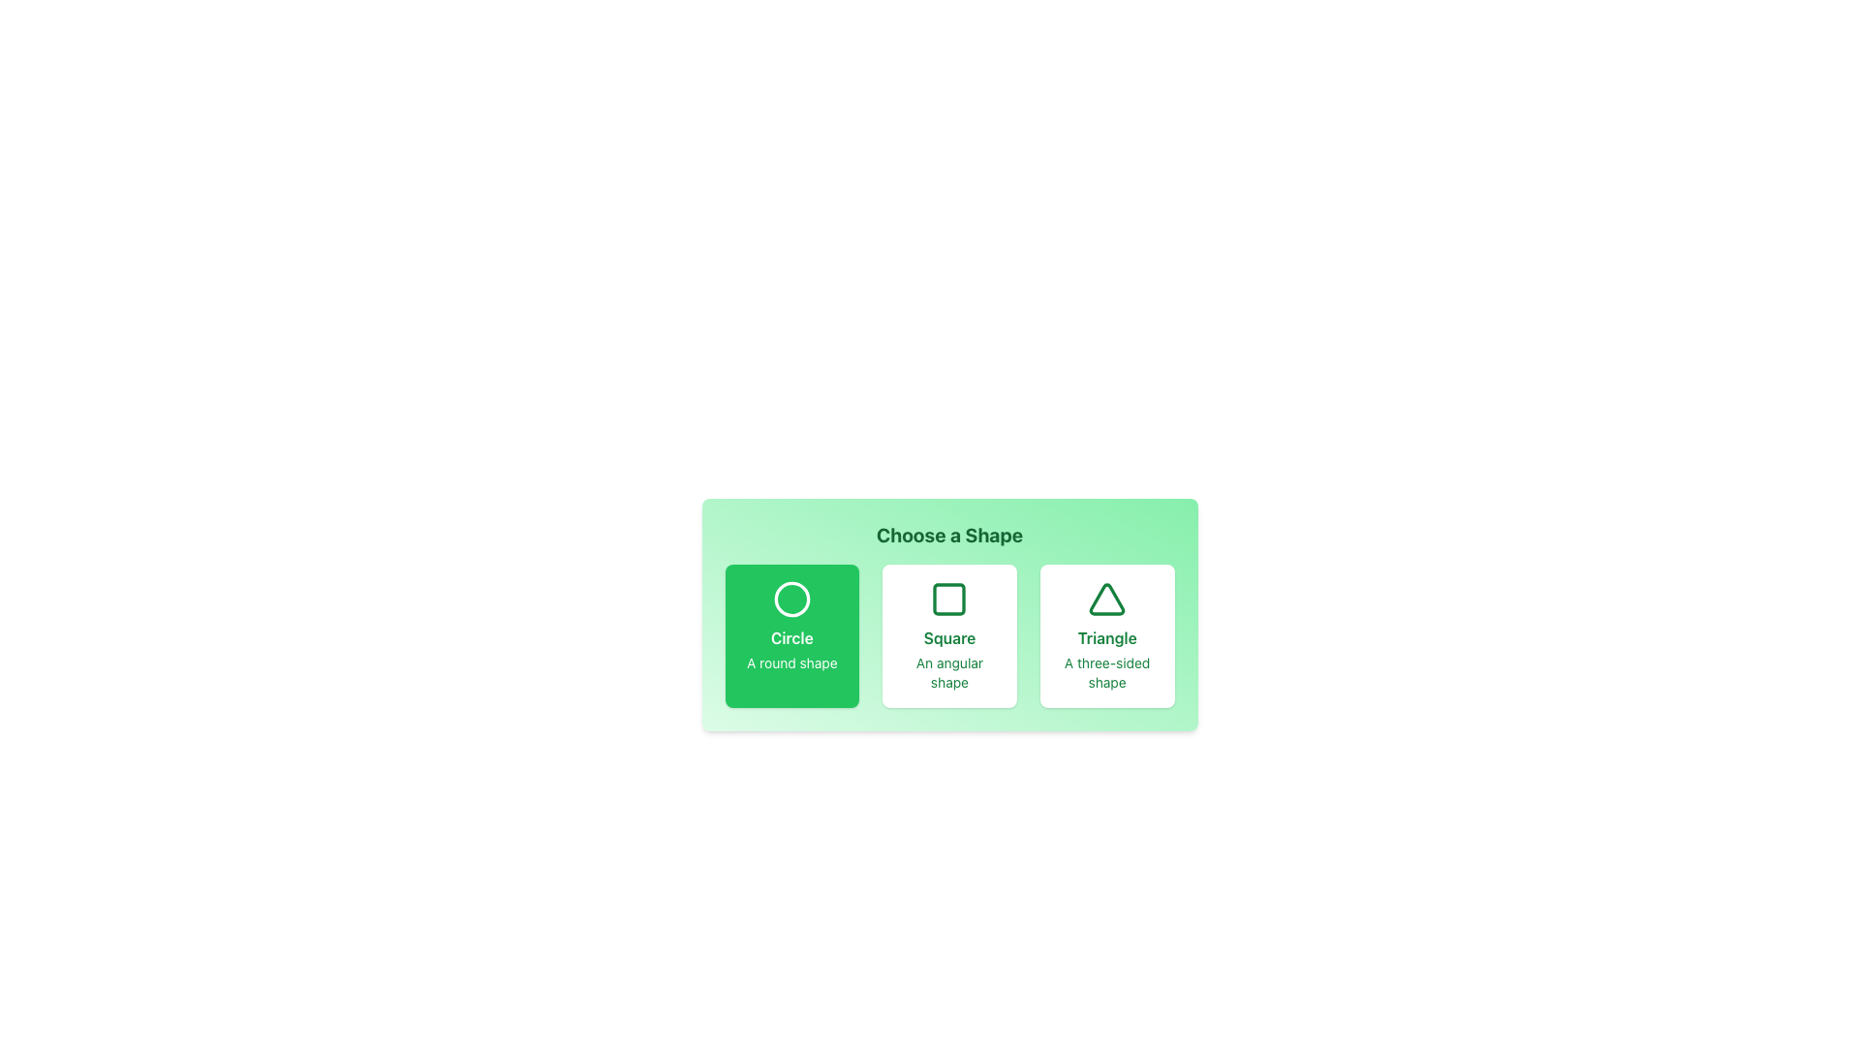 The width and height of the screenshot is (1860, 1046). Describe the element at coordinates (791, 662) in the screenshot. I see `the text label that says 'A round shape', which is located beneath the text 'Circle' in the leftmost green card of the 'Choose a Shape' selection menu` at that location.